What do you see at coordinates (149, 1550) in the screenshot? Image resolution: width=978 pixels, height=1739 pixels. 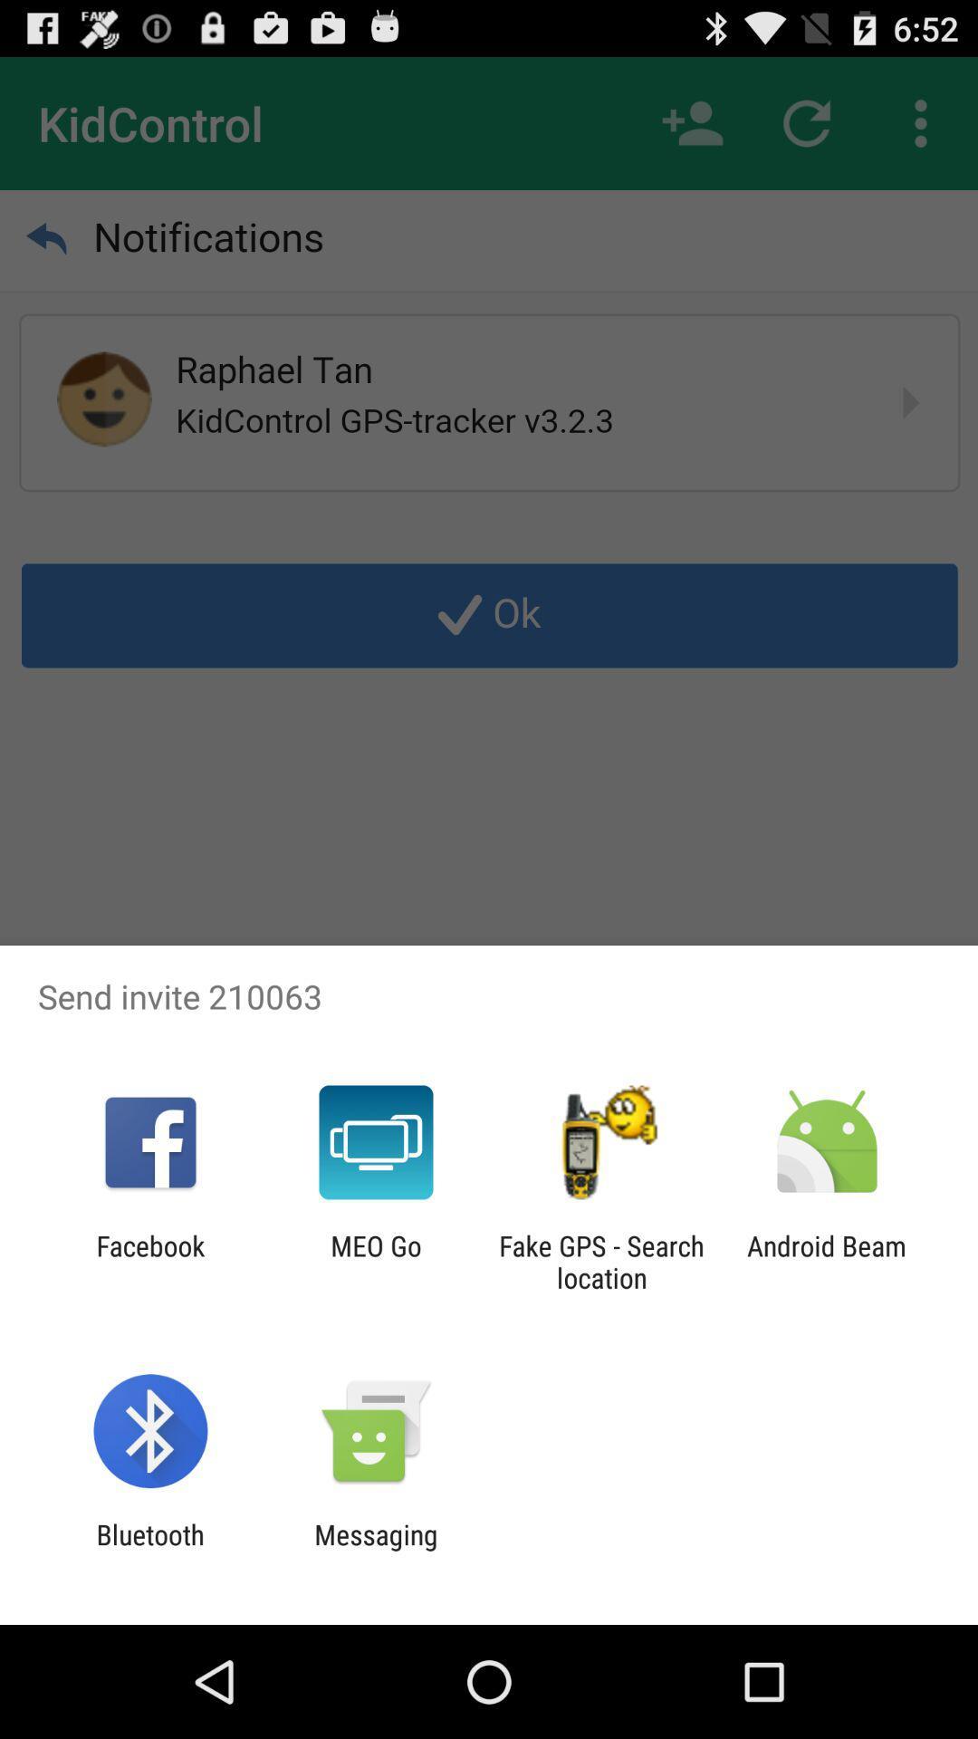 I see `icon next to the messaging app` at bounding box center [149, 1550].